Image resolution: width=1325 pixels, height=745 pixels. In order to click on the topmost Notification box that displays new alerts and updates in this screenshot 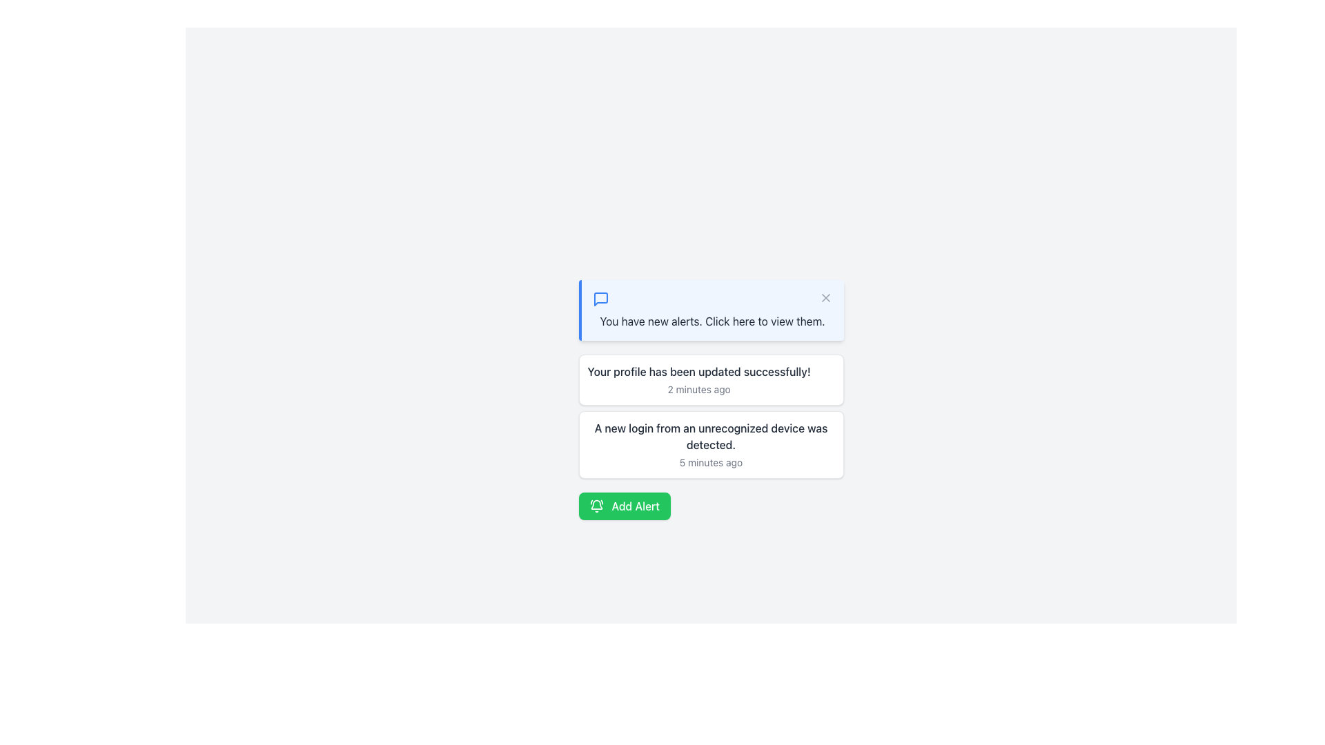, I will do `click(711, 310)`.